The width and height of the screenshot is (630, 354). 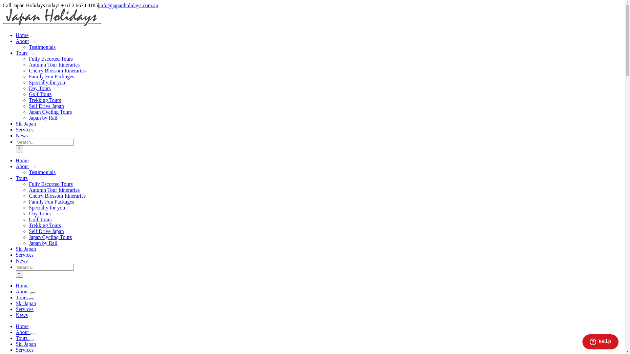 What do you see at coordinates (43, 243) in the screenshot?
I see `'Japan by Rail'` at bounding box center [43, 243].